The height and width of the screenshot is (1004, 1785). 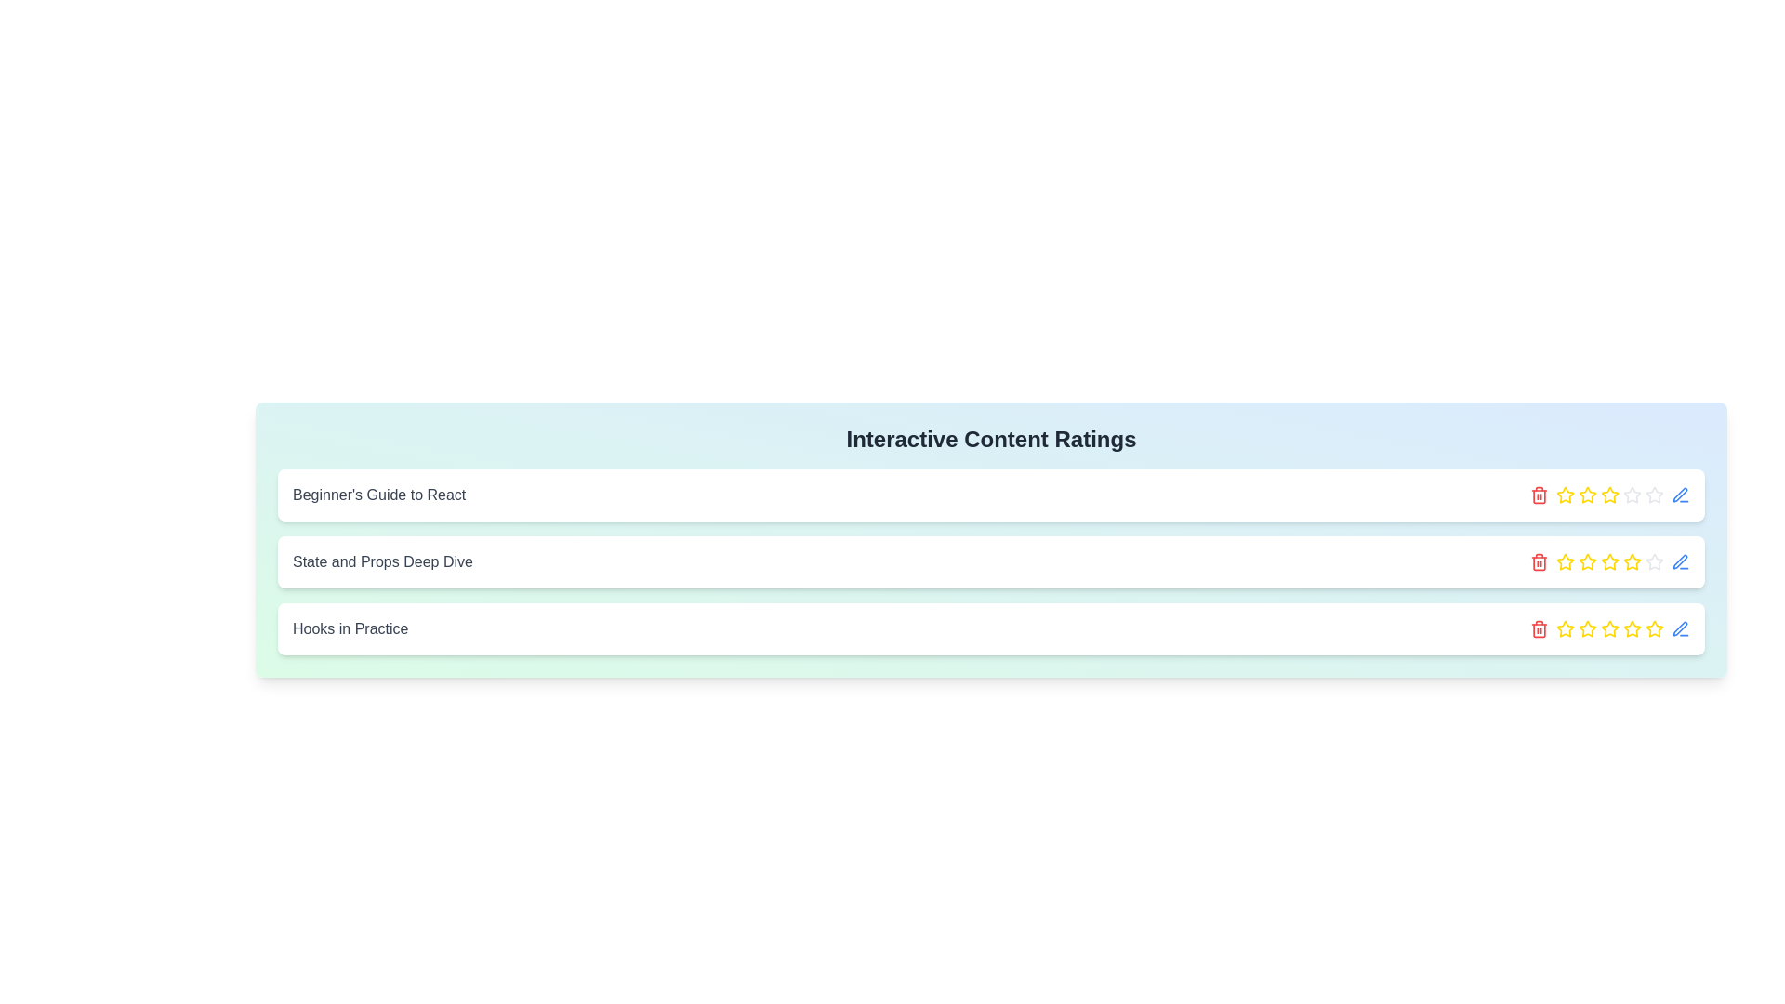 What do you see at coordinates (1565, 627) in the screenshot?
I see `the third star in the rating row of the content item titled 'Hooks in Practice' to interact with the rating system` at bounding box center [1565, 627].